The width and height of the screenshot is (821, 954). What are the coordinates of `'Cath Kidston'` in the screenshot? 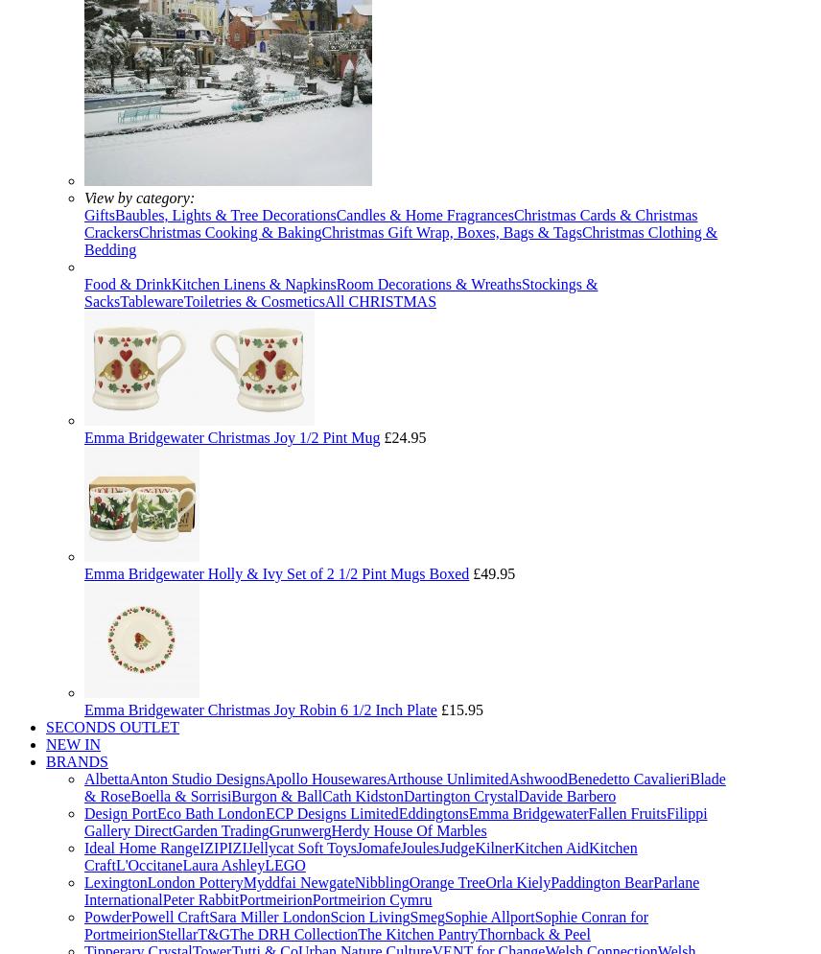 It's located at (320, 795).